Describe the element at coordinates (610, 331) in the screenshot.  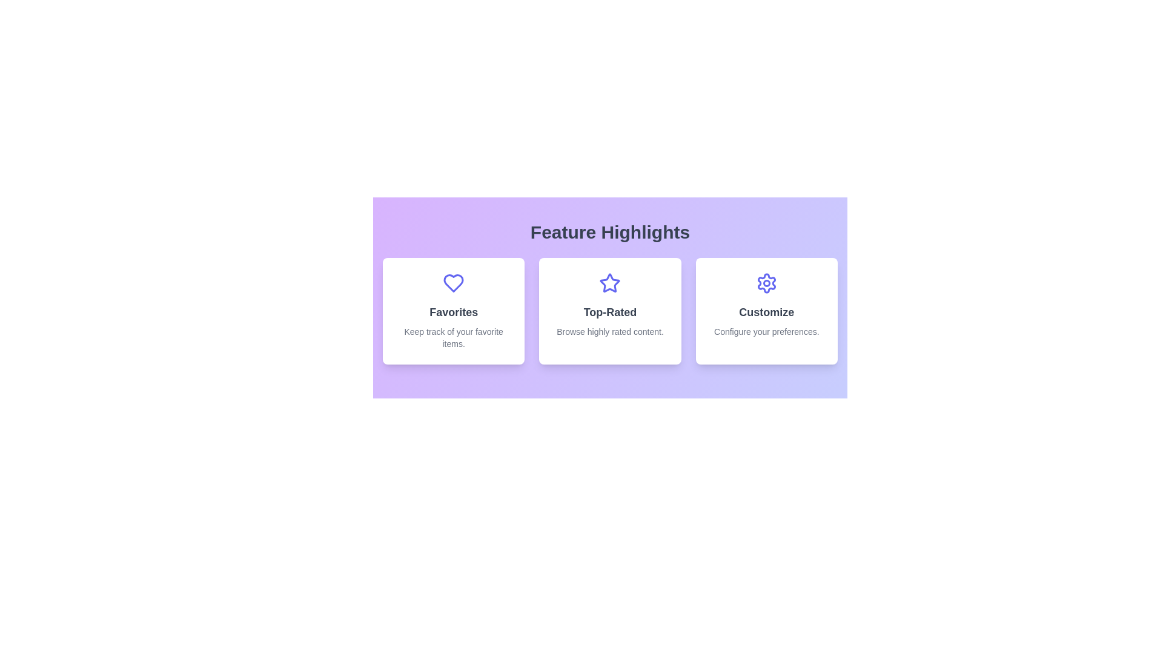
I see `the text element reading 'Browse highly rated content.' which is styled in gray and centered within the 'Top-Rated' card` at that location.